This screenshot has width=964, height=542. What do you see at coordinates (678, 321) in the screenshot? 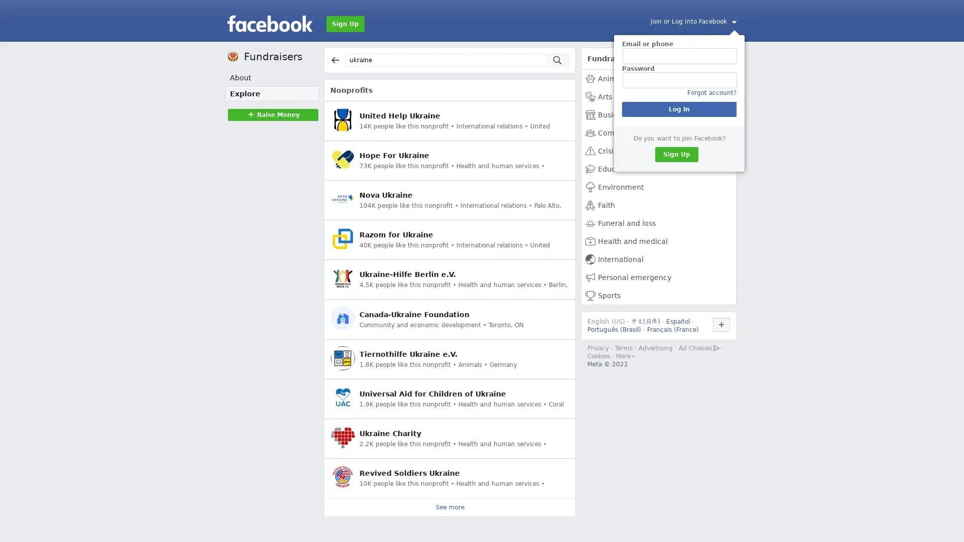
I see `Espanol` at bounding box center [678, 321].